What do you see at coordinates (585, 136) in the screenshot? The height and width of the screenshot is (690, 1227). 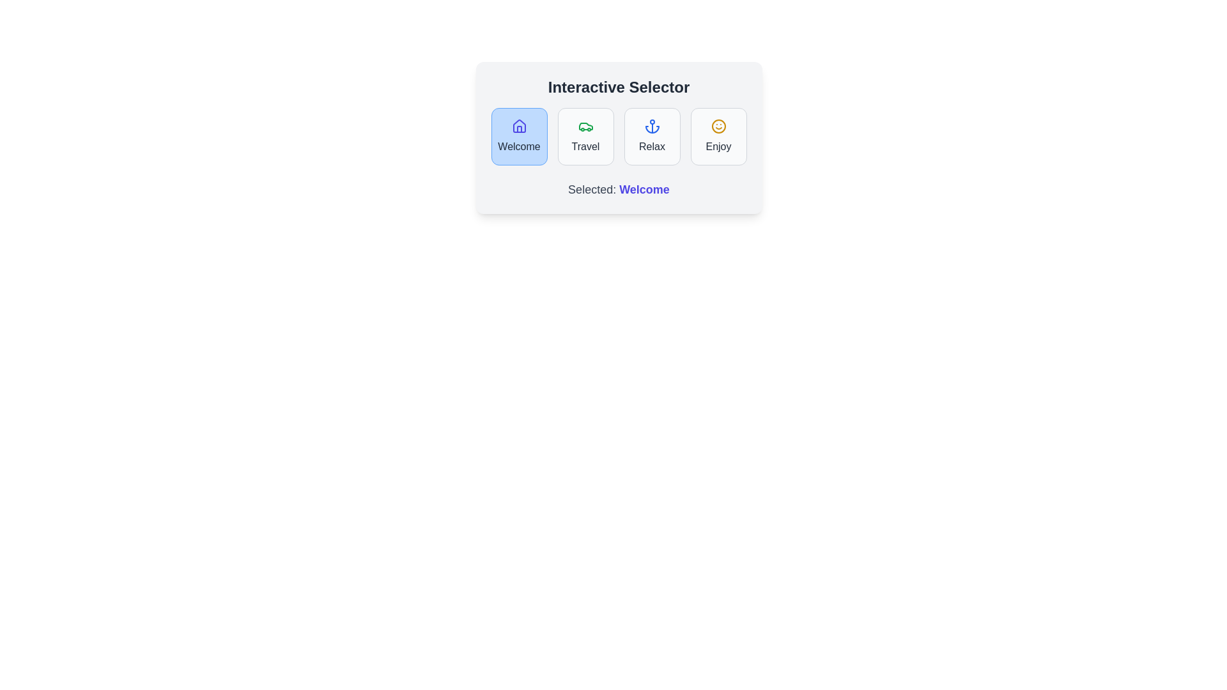 I see `the second interactive card in the row` at bounding box center [585, 136].